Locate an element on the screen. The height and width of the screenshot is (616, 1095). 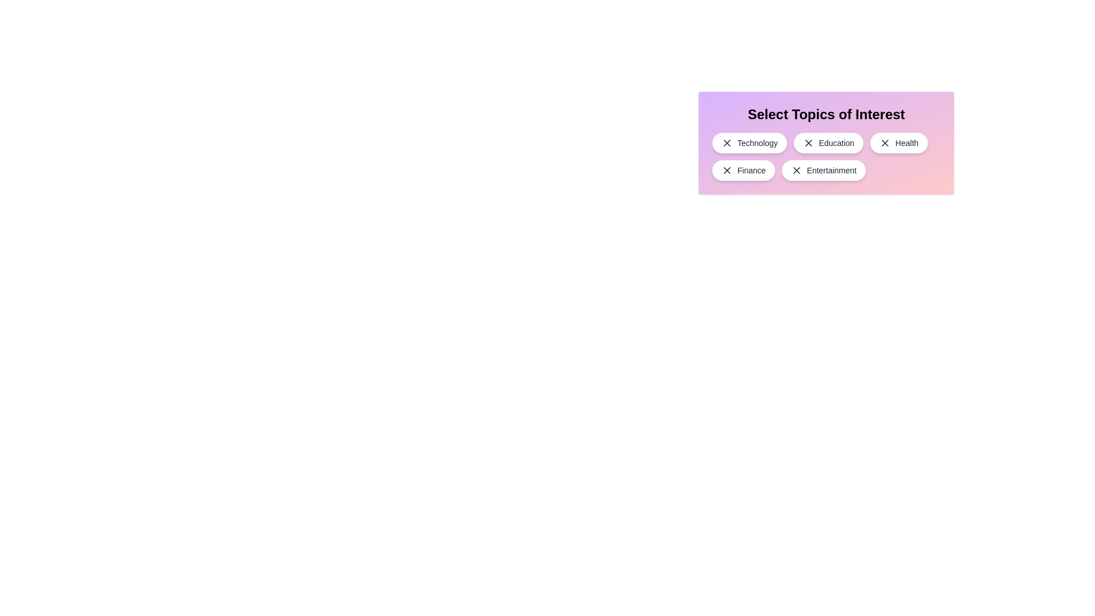
the topic Technology by clicking on it is located at coordinates (749, 142).